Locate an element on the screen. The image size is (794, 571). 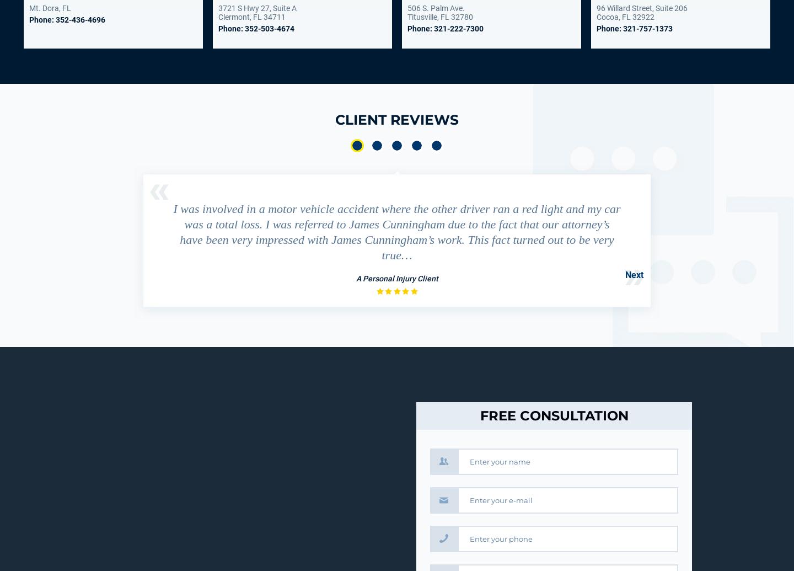
'Mt. Dora, FL' is located at coordinates (50, 8).